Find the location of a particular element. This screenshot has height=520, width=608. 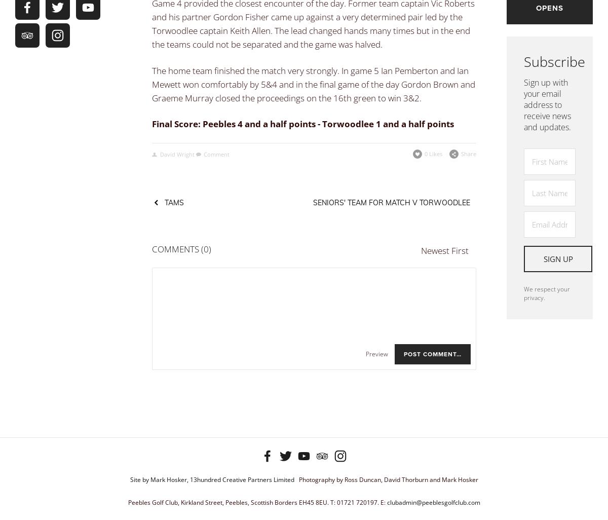

'Comment' is located at coordinates (216, 154).